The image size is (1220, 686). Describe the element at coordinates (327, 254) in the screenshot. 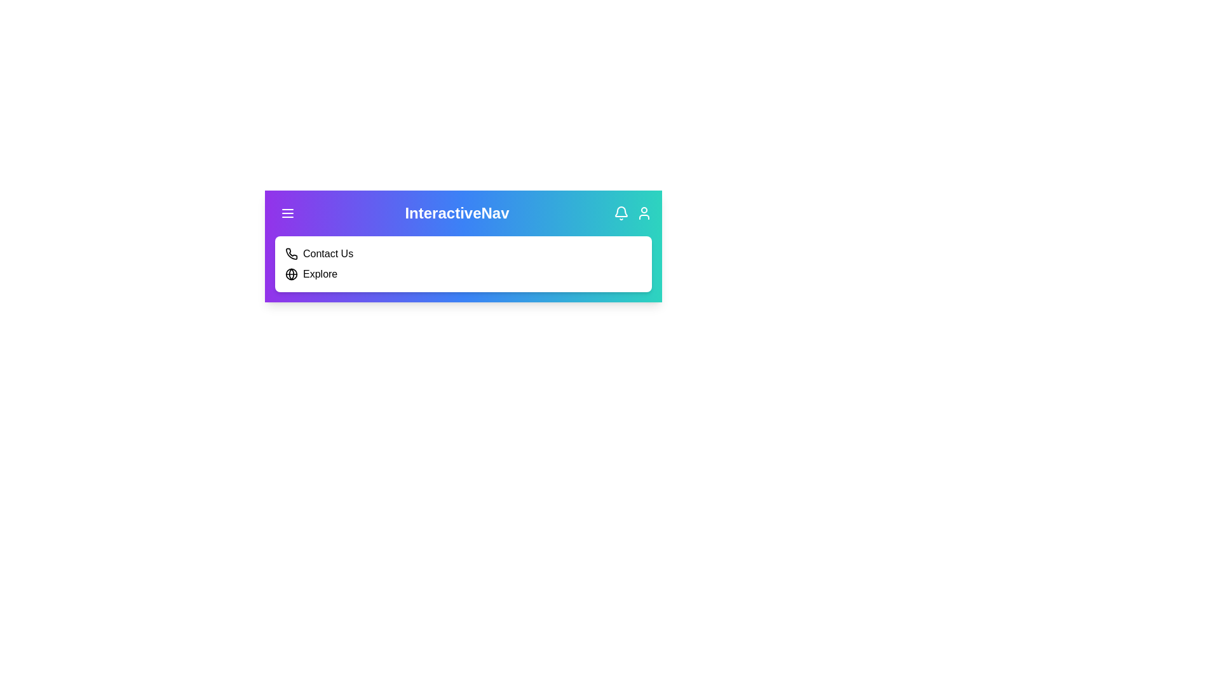

I see `the 'Contact Us' menu item` at that location.